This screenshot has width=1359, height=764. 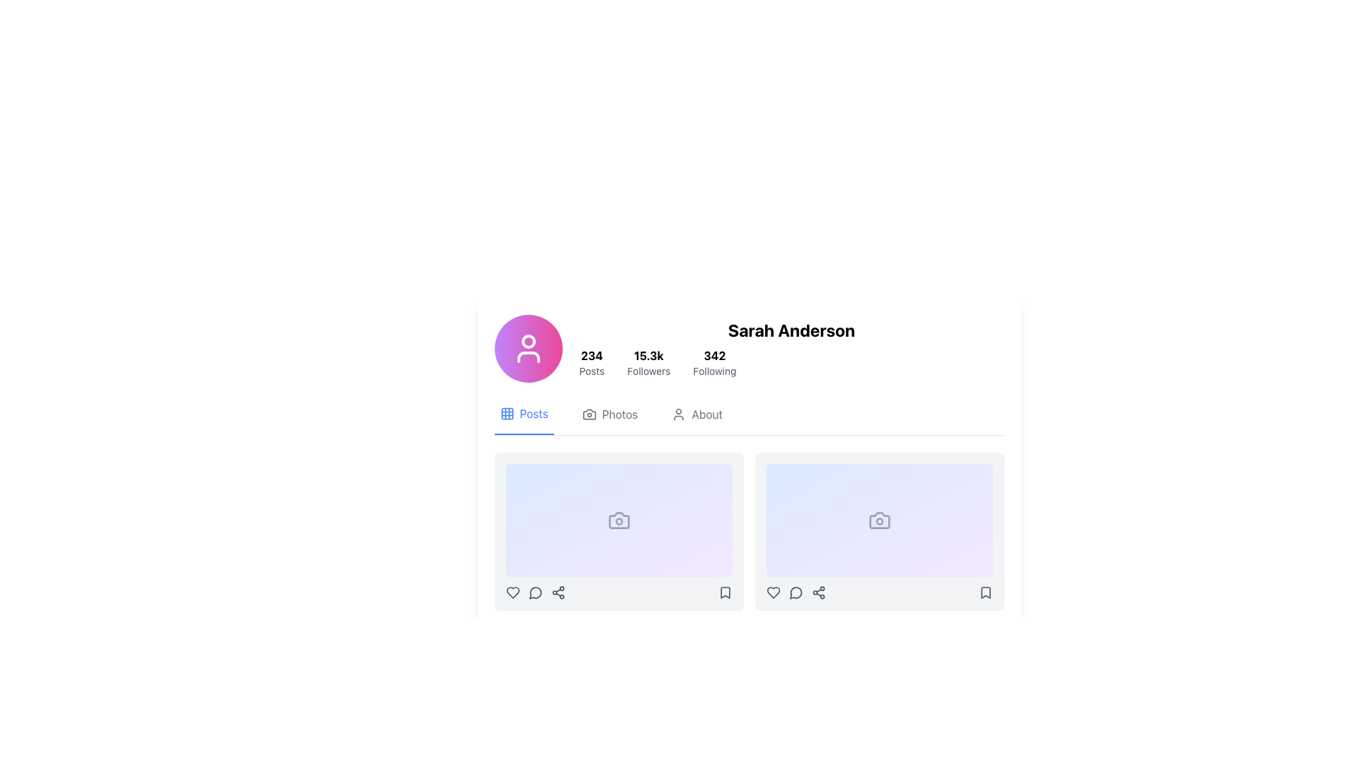 What do you see at coordinates (534, 592) in the screenshot?
I see `the Icon button positioned between the heart-shaped icon and the arrow-shaped icon below the content image` at bounding box center [534, 592].